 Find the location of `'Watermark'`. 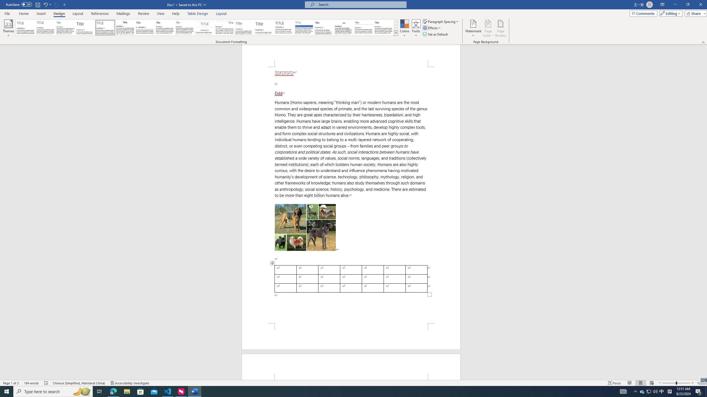

'Watermark' is located at coordinates (473, 28).